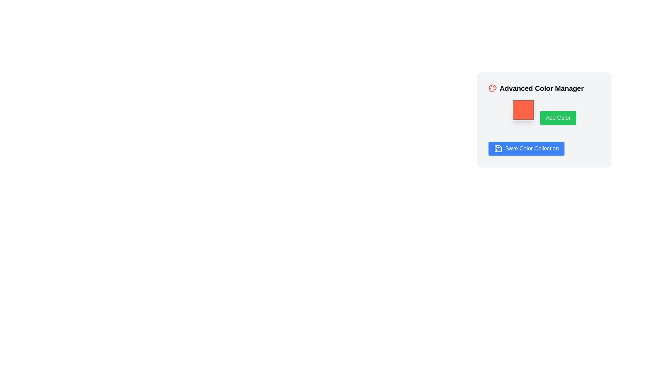  I want to click on the tomato red color swatch, so click(523, 110).